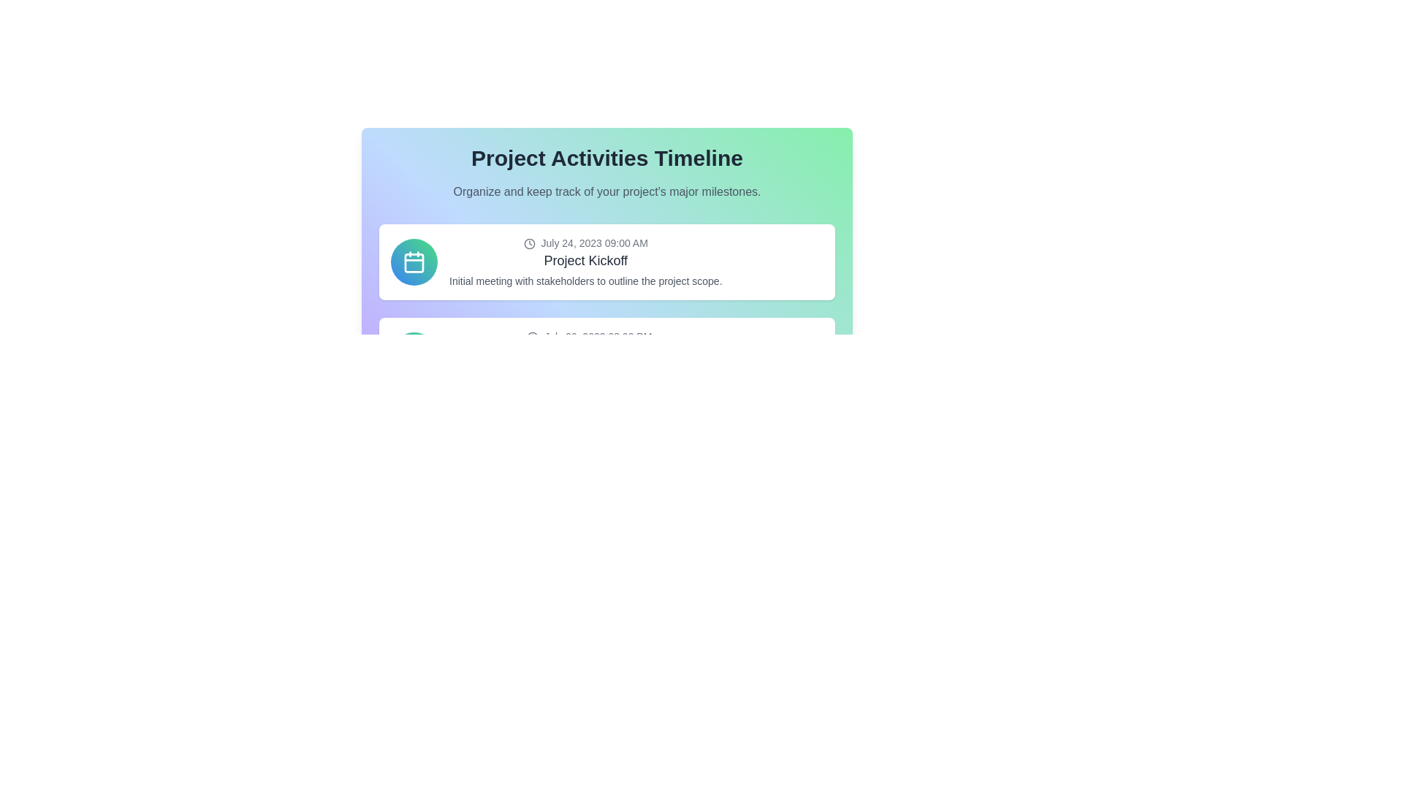  I want to click on information contained in the second Card component in the vertical list, which displays the event 'Design Review' with its details, so click(607, 355).